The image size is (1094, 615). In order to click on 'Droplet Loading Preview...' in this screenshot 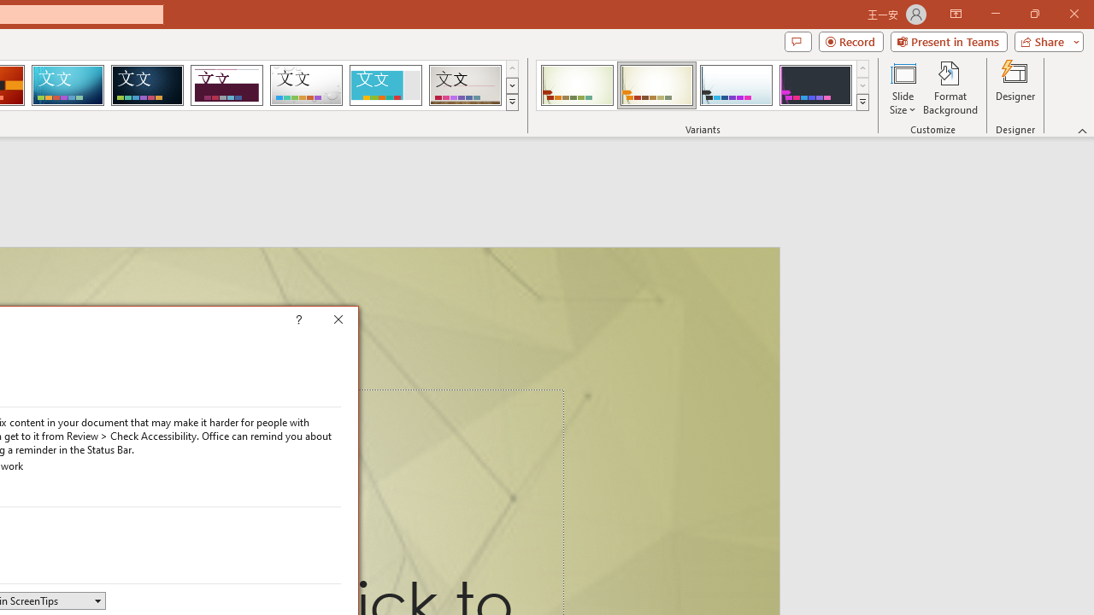, I will do `click(306, 85)`.